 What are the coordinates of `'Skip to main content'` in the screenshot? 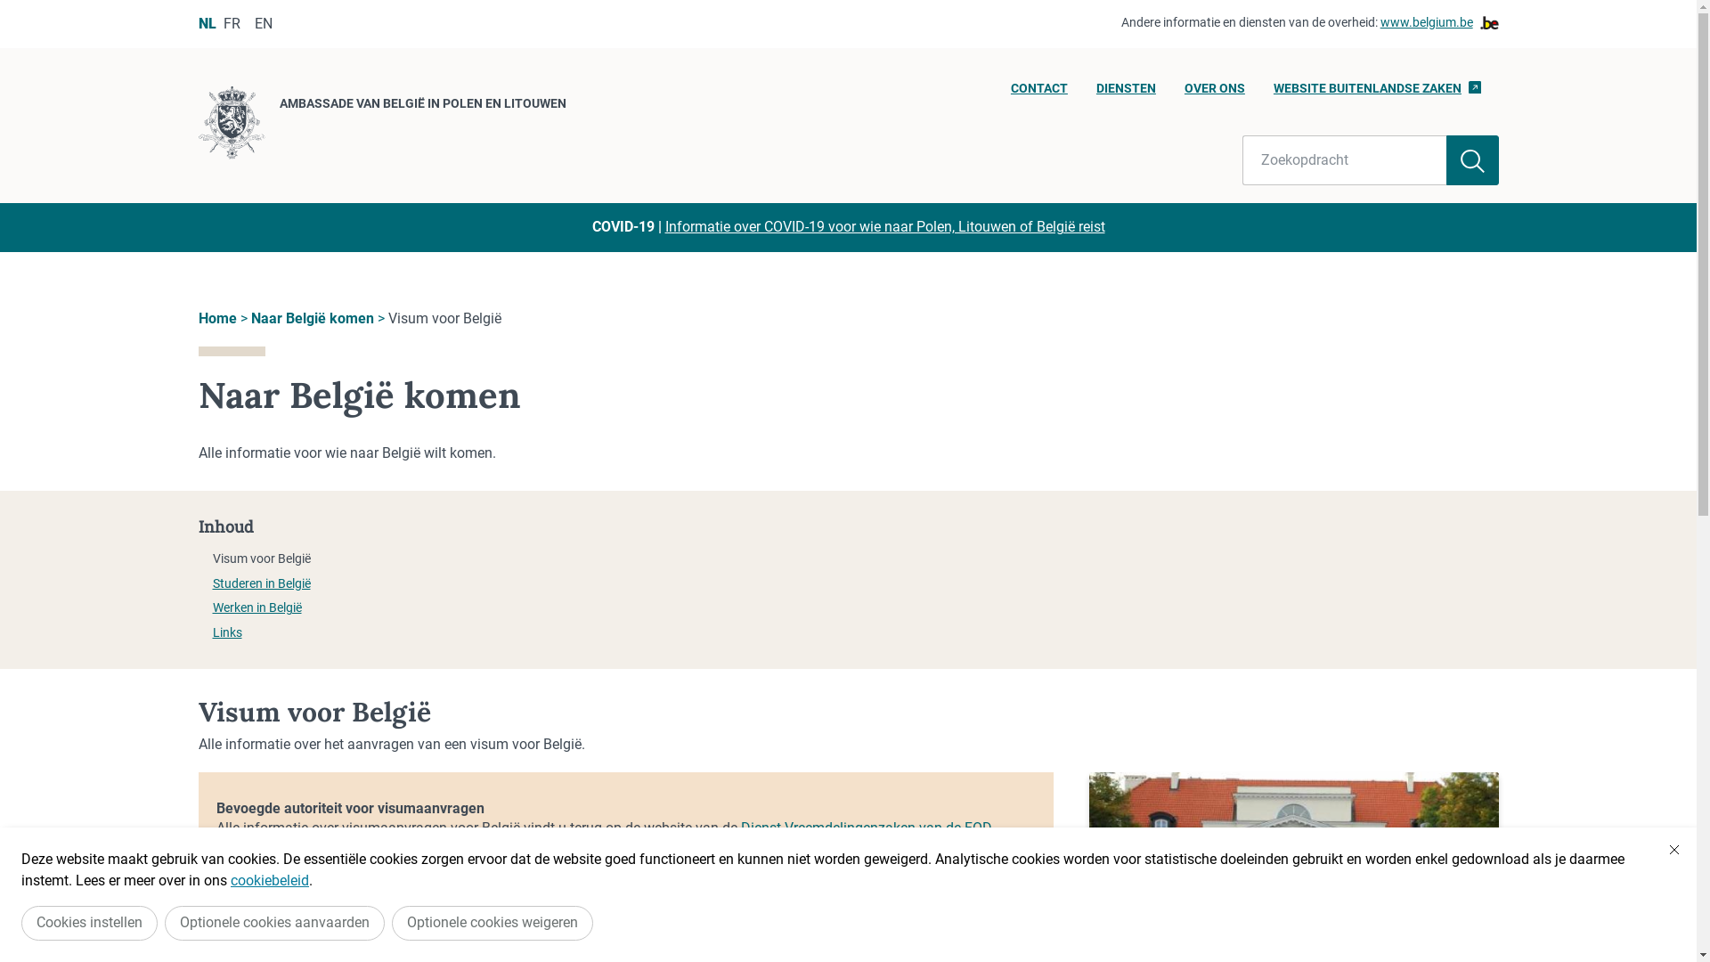 It's located at (0, 5).